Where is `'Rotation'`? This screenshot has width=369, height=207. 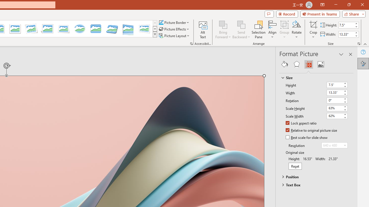 'Rotation' is located at coordinates (334, 100).